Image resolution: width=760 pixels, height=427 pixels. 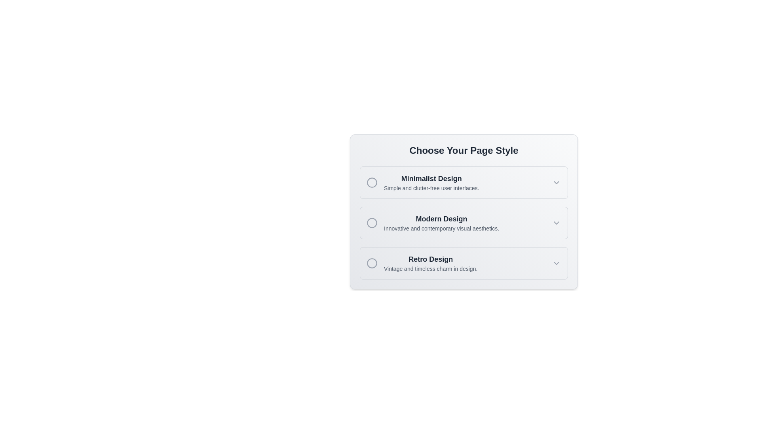 What do you see at coordinates (422, 263) in the screenshot?
I see `the 'Retro Design' text label` at bounding box center [422, 263].